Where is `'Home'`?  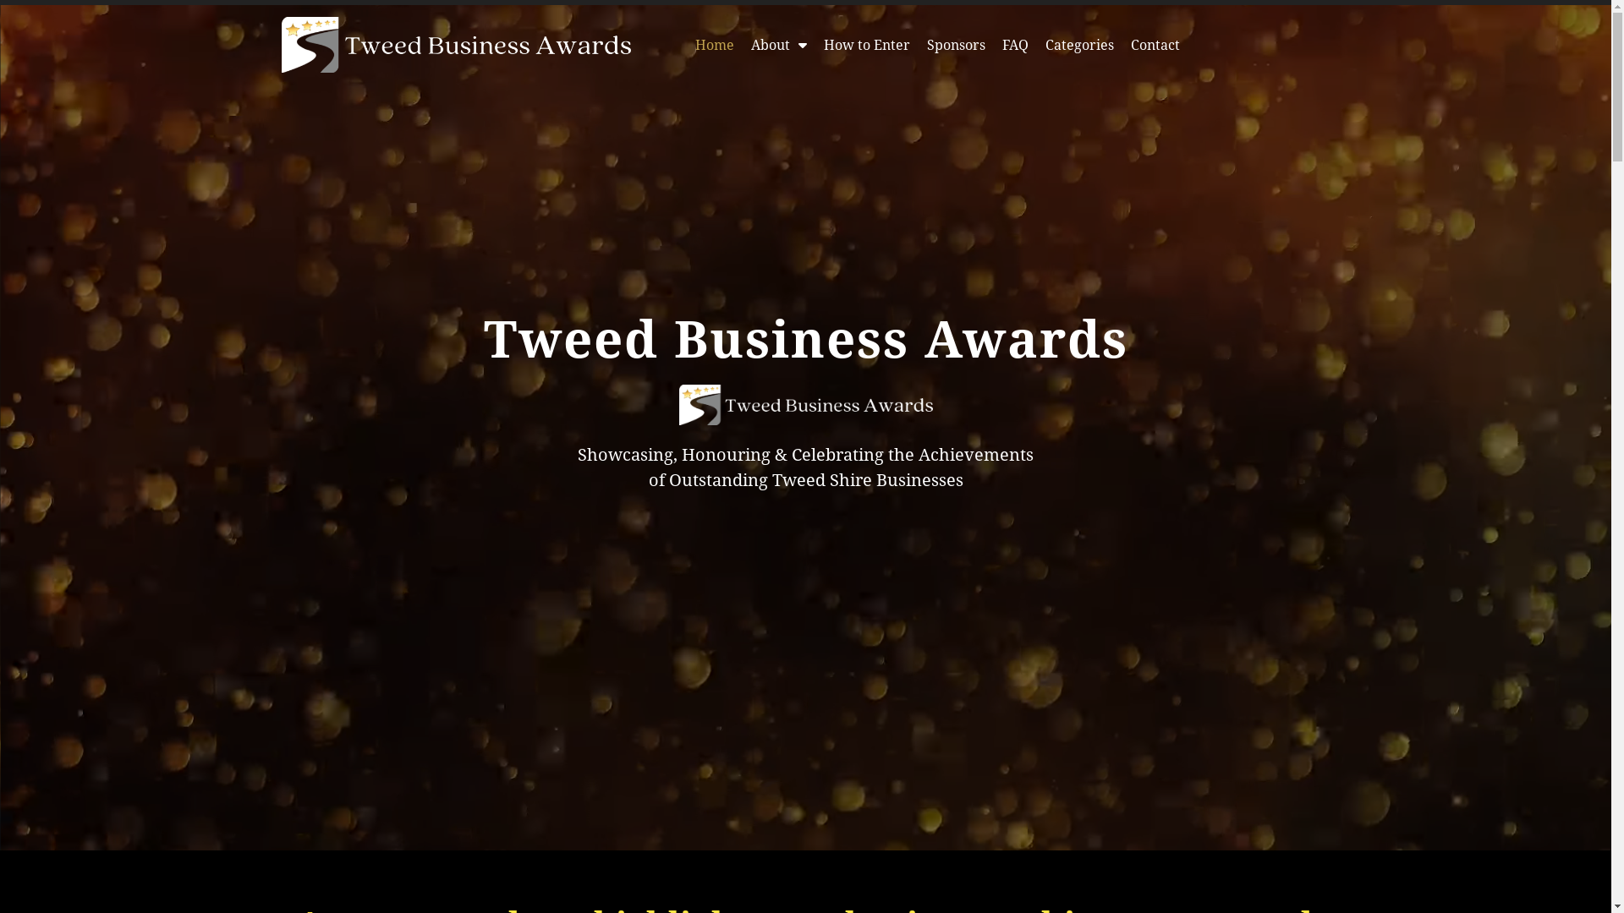 'Home' is located at coordinates (694, 44).